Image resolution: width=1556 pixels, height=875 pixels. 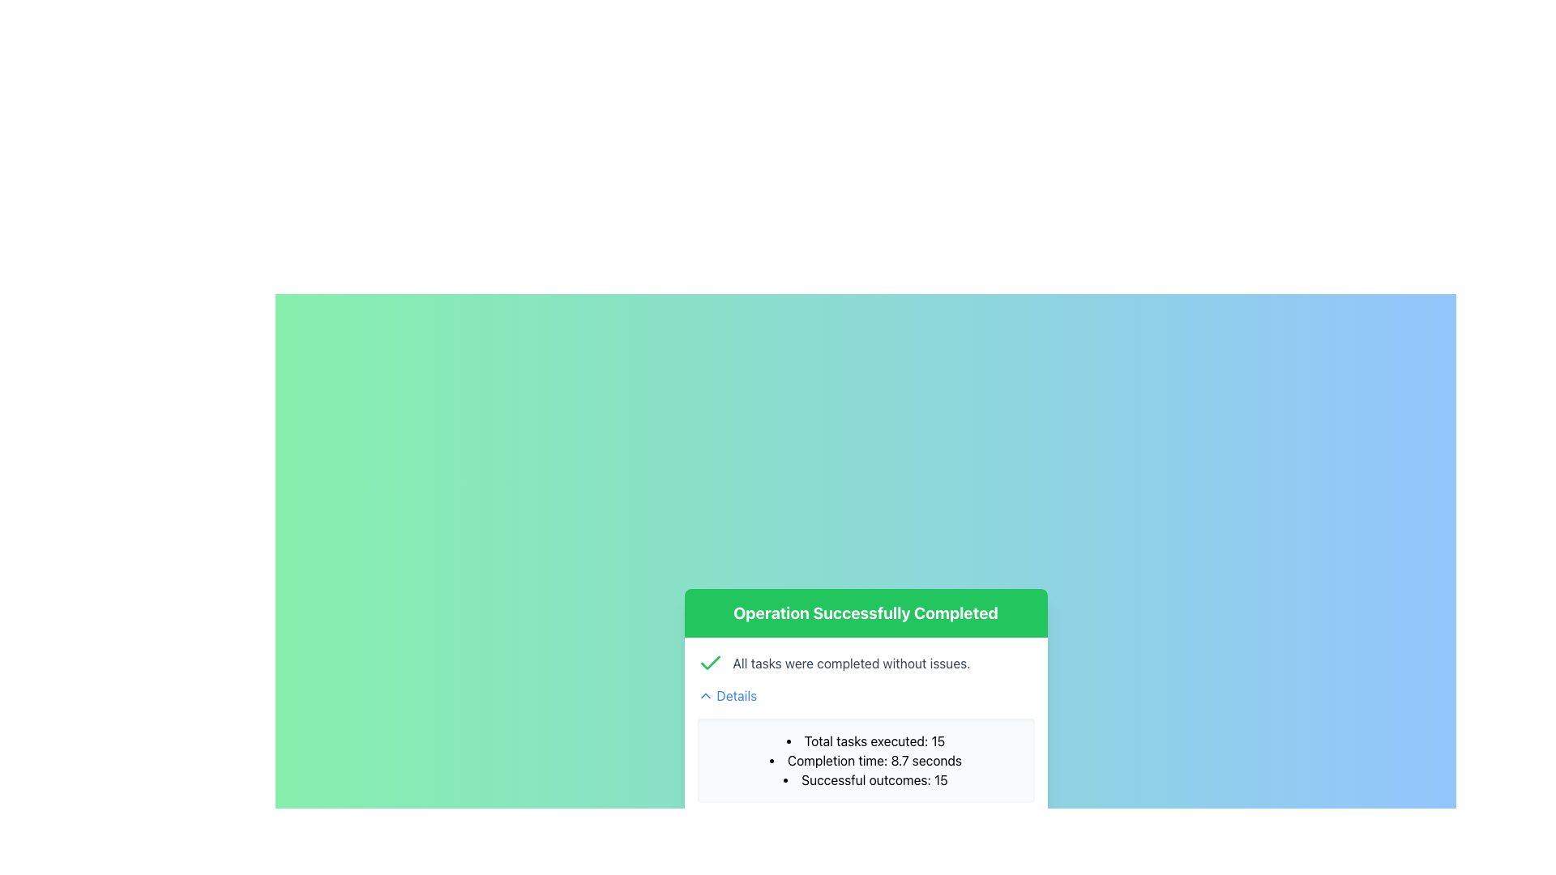 I want to click on the text item that states 'It took 8.7 seconds' in the bulleted list of the summary card titled 'Operation Successfully Completed', so click(x=865, y=760).